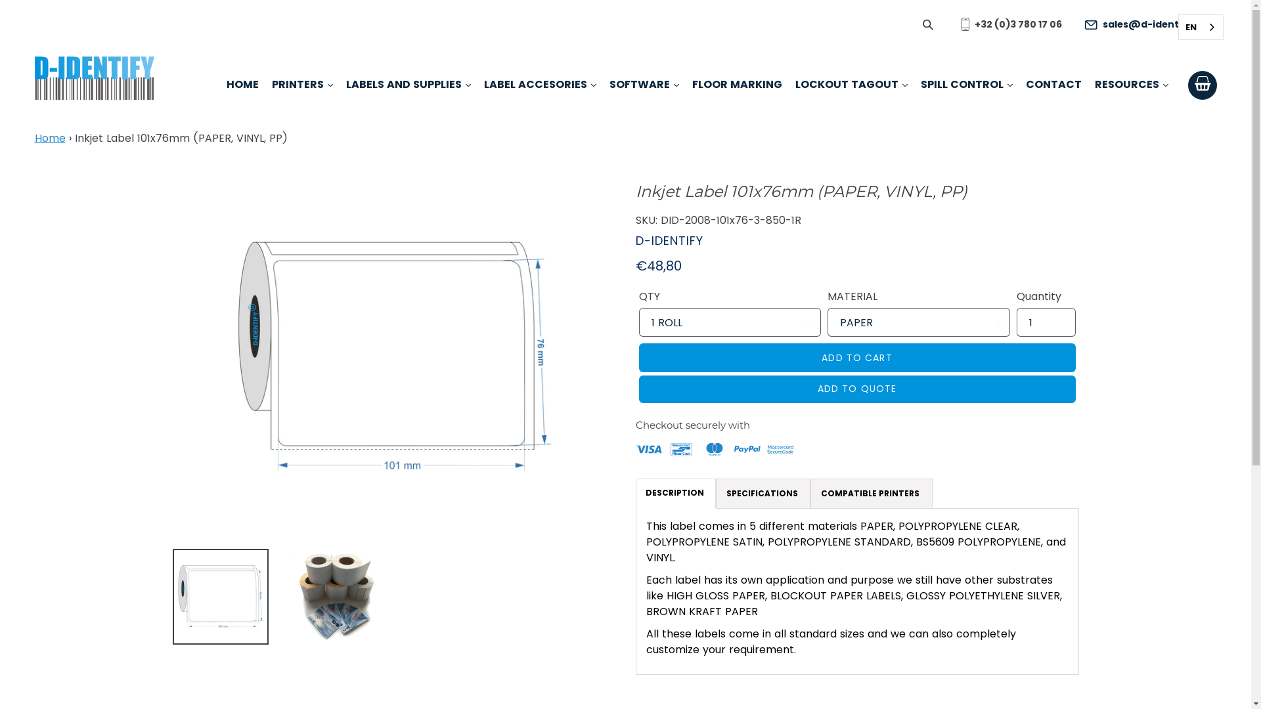  I want to click on 'CONTACT', so click(1053, 86).